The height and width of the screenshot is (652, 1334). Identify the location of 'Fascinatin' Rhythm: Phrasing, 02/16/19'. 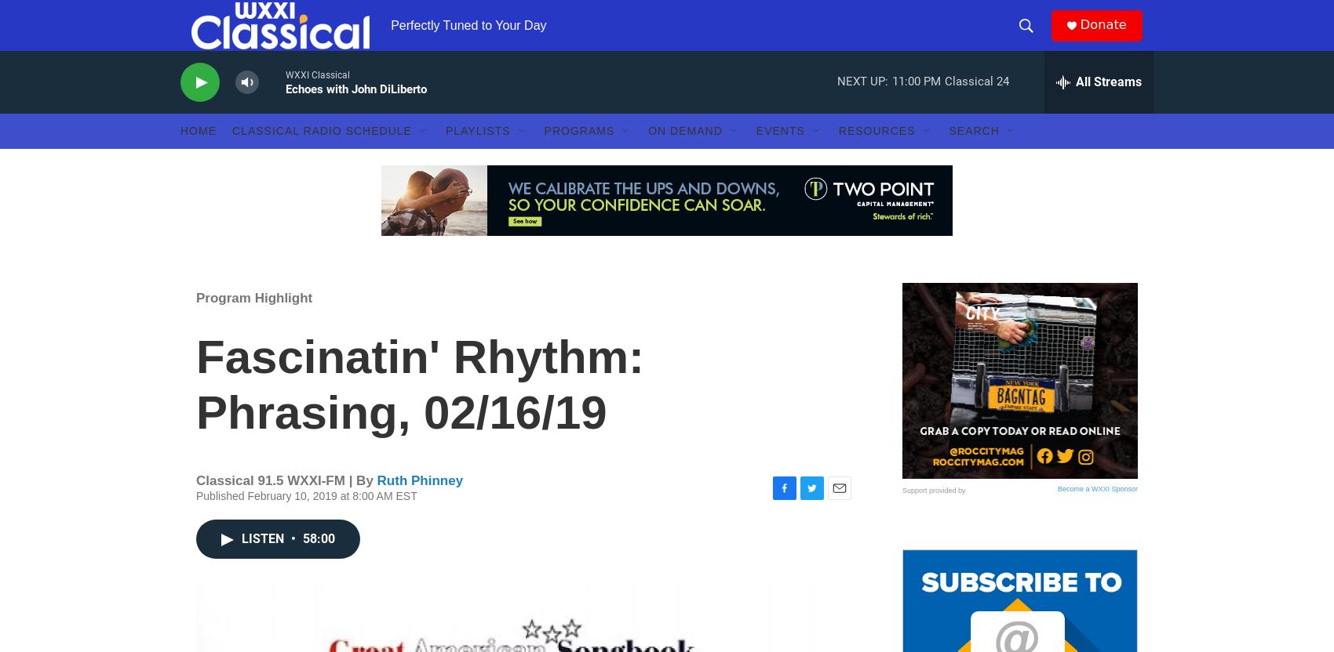
(419, 415).